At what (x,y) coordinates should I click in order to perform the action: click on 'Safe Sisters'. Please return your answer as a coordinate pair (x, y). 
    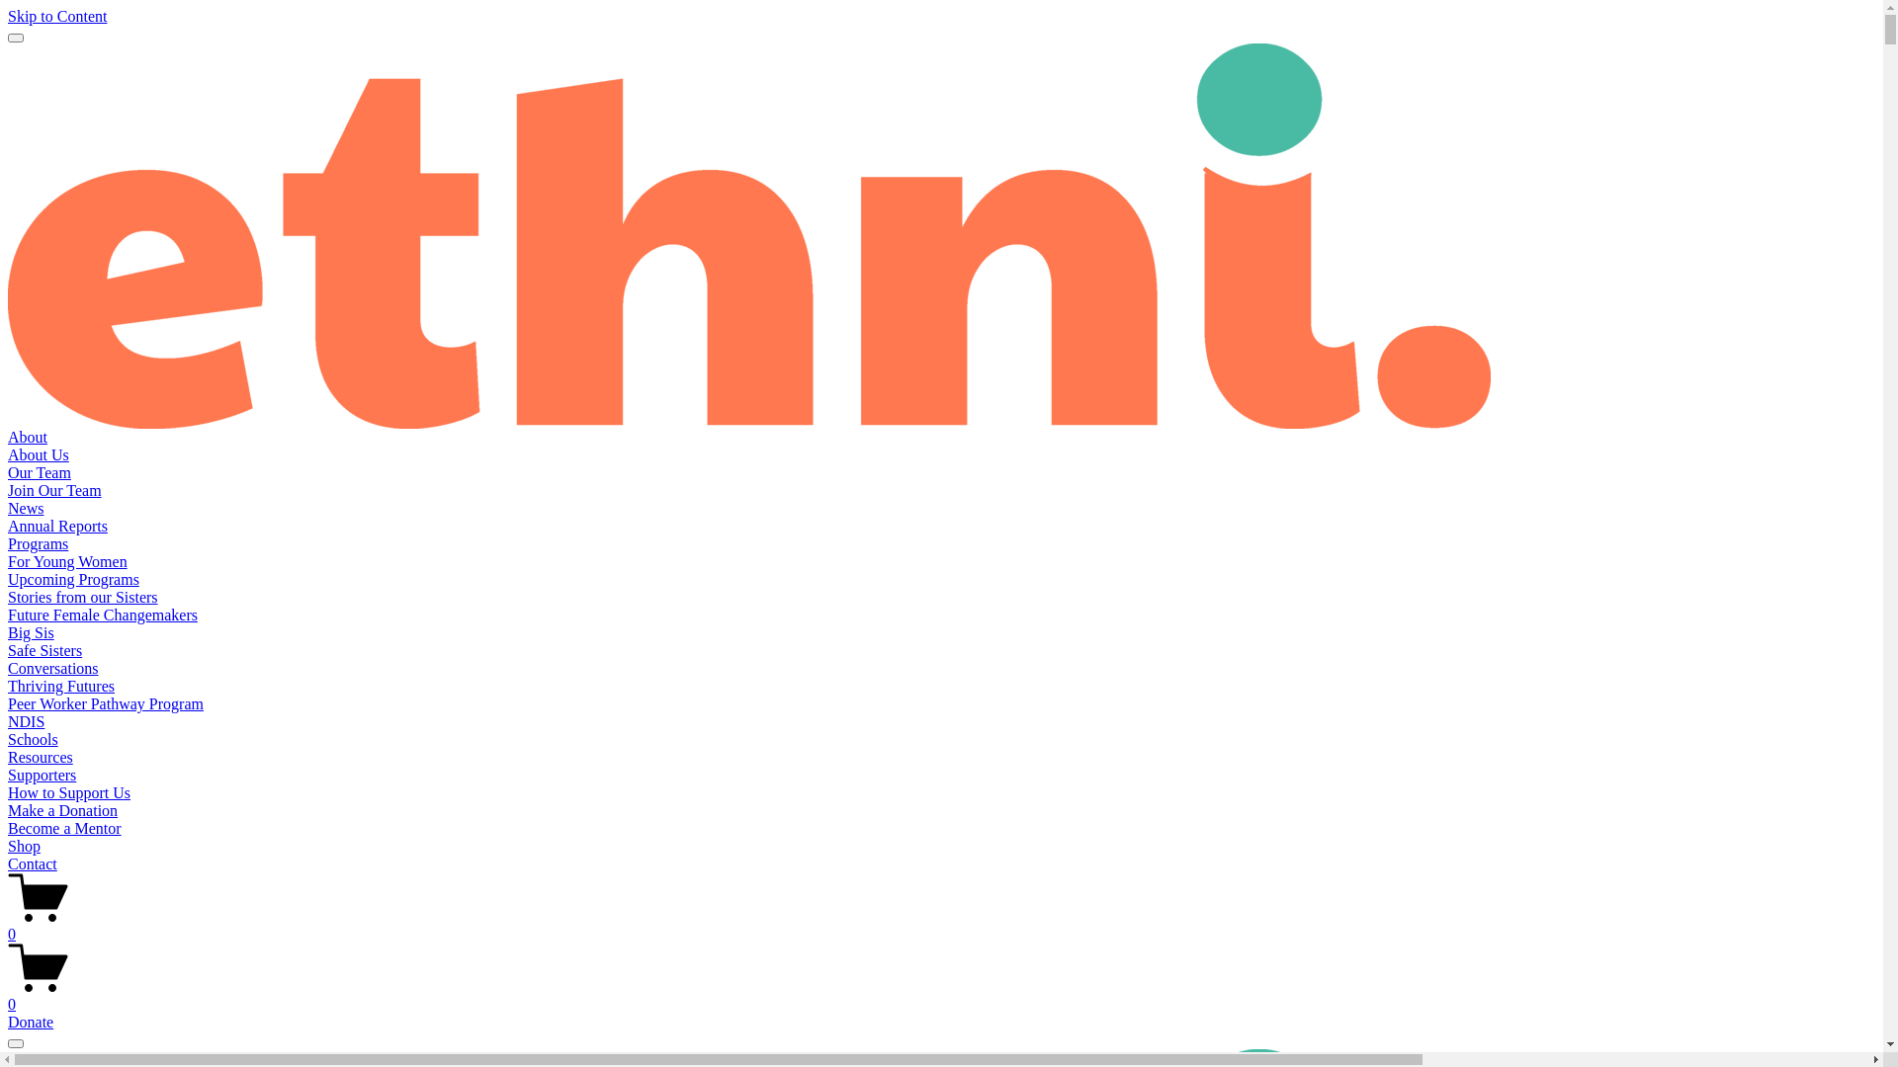
    Looking at the image, I should click on (44, 650).